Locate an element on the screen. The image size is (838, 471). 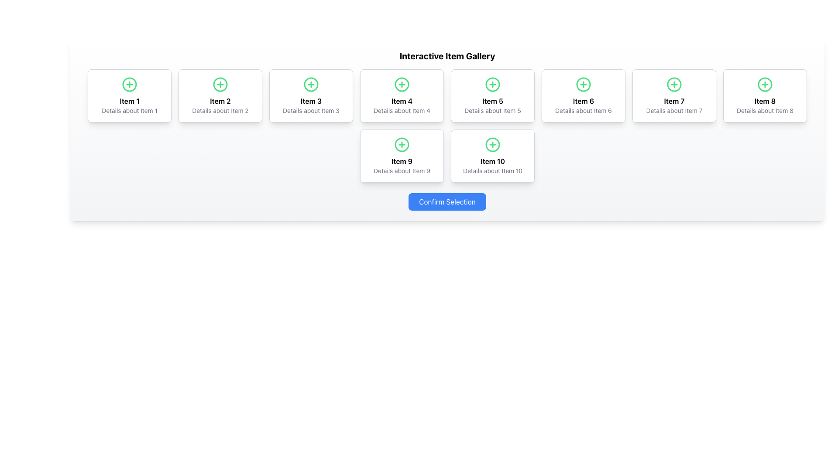
the icon or button representing the action of adding or interacting with Item 3, located in the grid gallery near the top center of the interface is located at coordinates (311, 84).